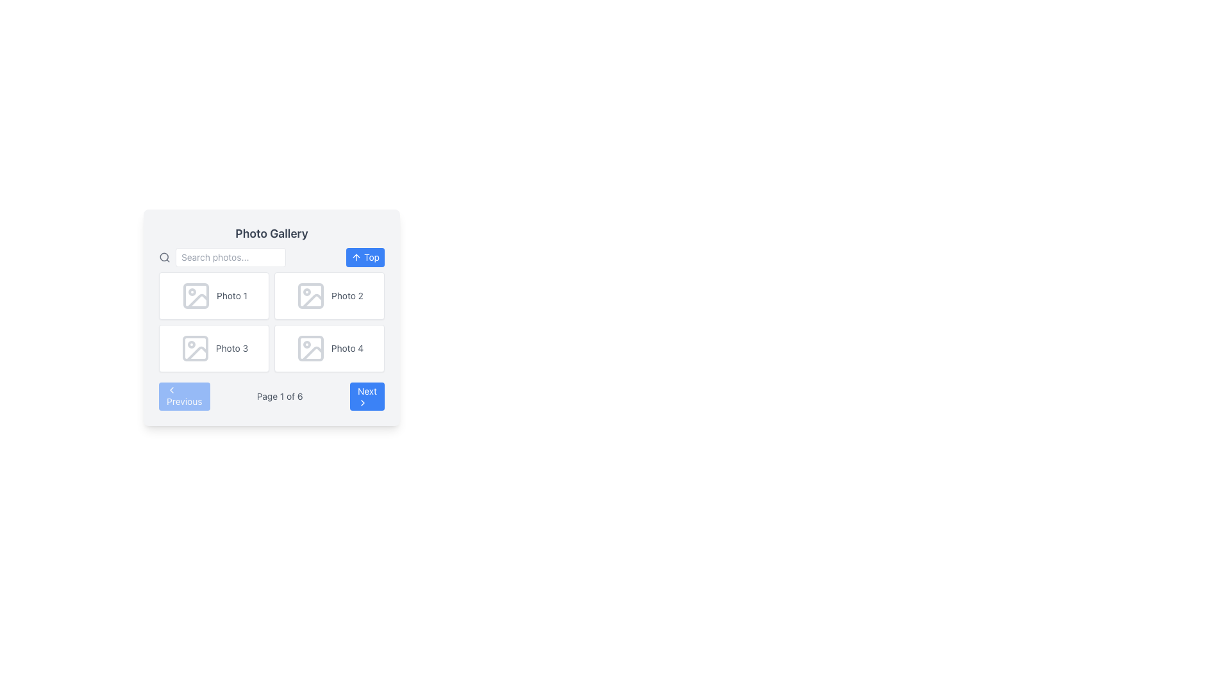  I want to click on the Selectable button for 'Photo 1' in the grid layout, so click(214, 296).